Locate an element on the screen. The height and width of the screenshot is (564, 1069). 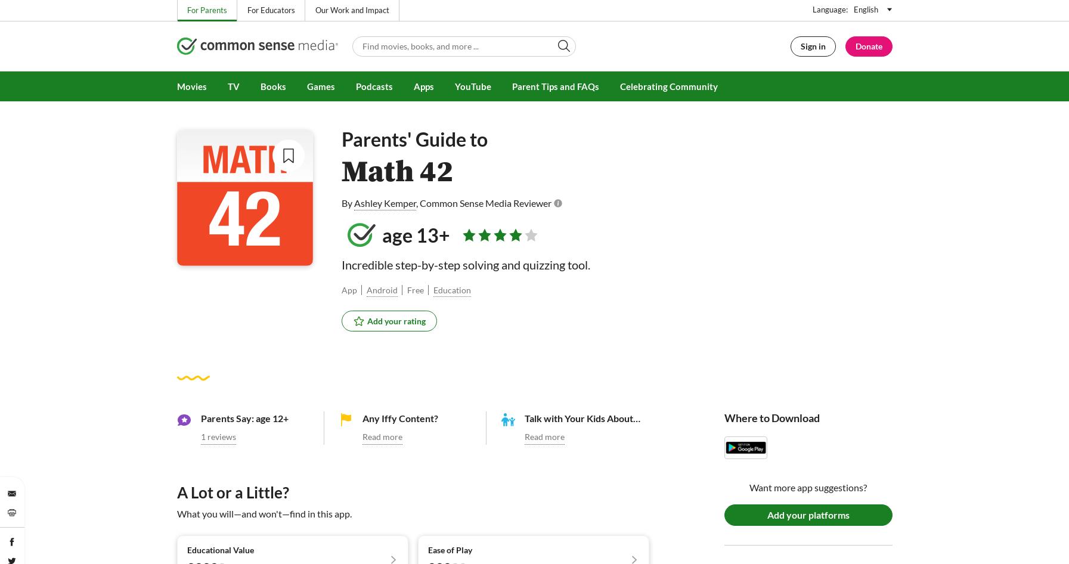
'Podcasts' is located at coordinates (354, 86).